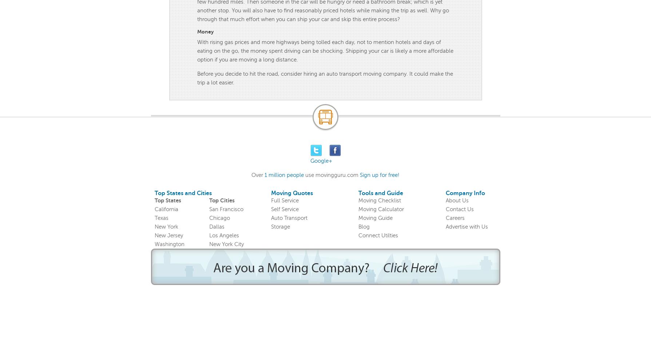 This screenshot has height=364, width=651. Describe the element at coordinates (284, 201) in the screenshot. I see `'Full Service'` at that location.